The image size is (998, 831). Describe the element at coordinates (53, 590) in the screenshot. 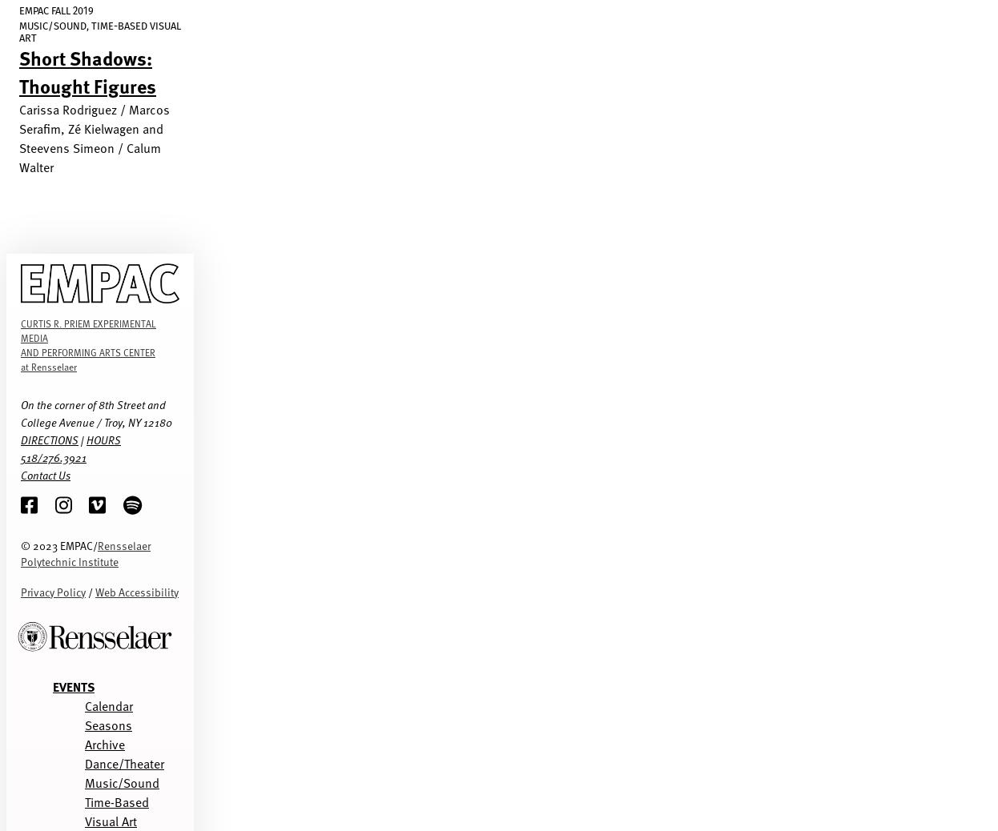

I see `'Privacy Policy'` at that location.